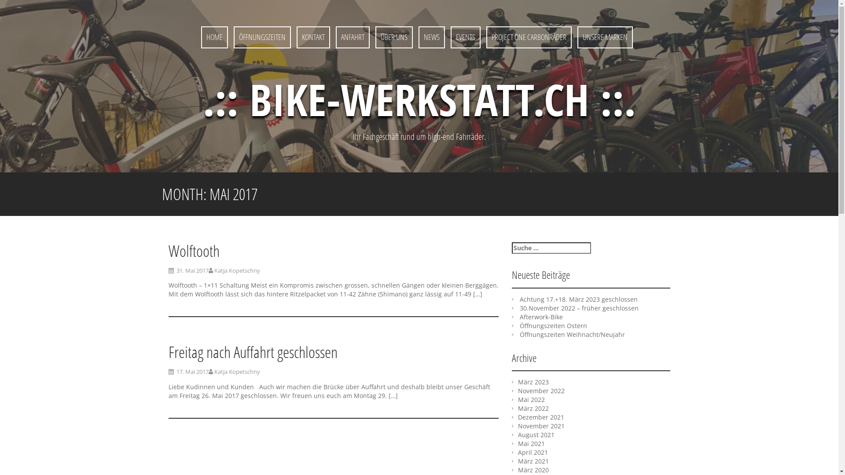 This screenshot has width=845, height=475. I want to click on 'Afterwork-Bike', so click(540, 317).